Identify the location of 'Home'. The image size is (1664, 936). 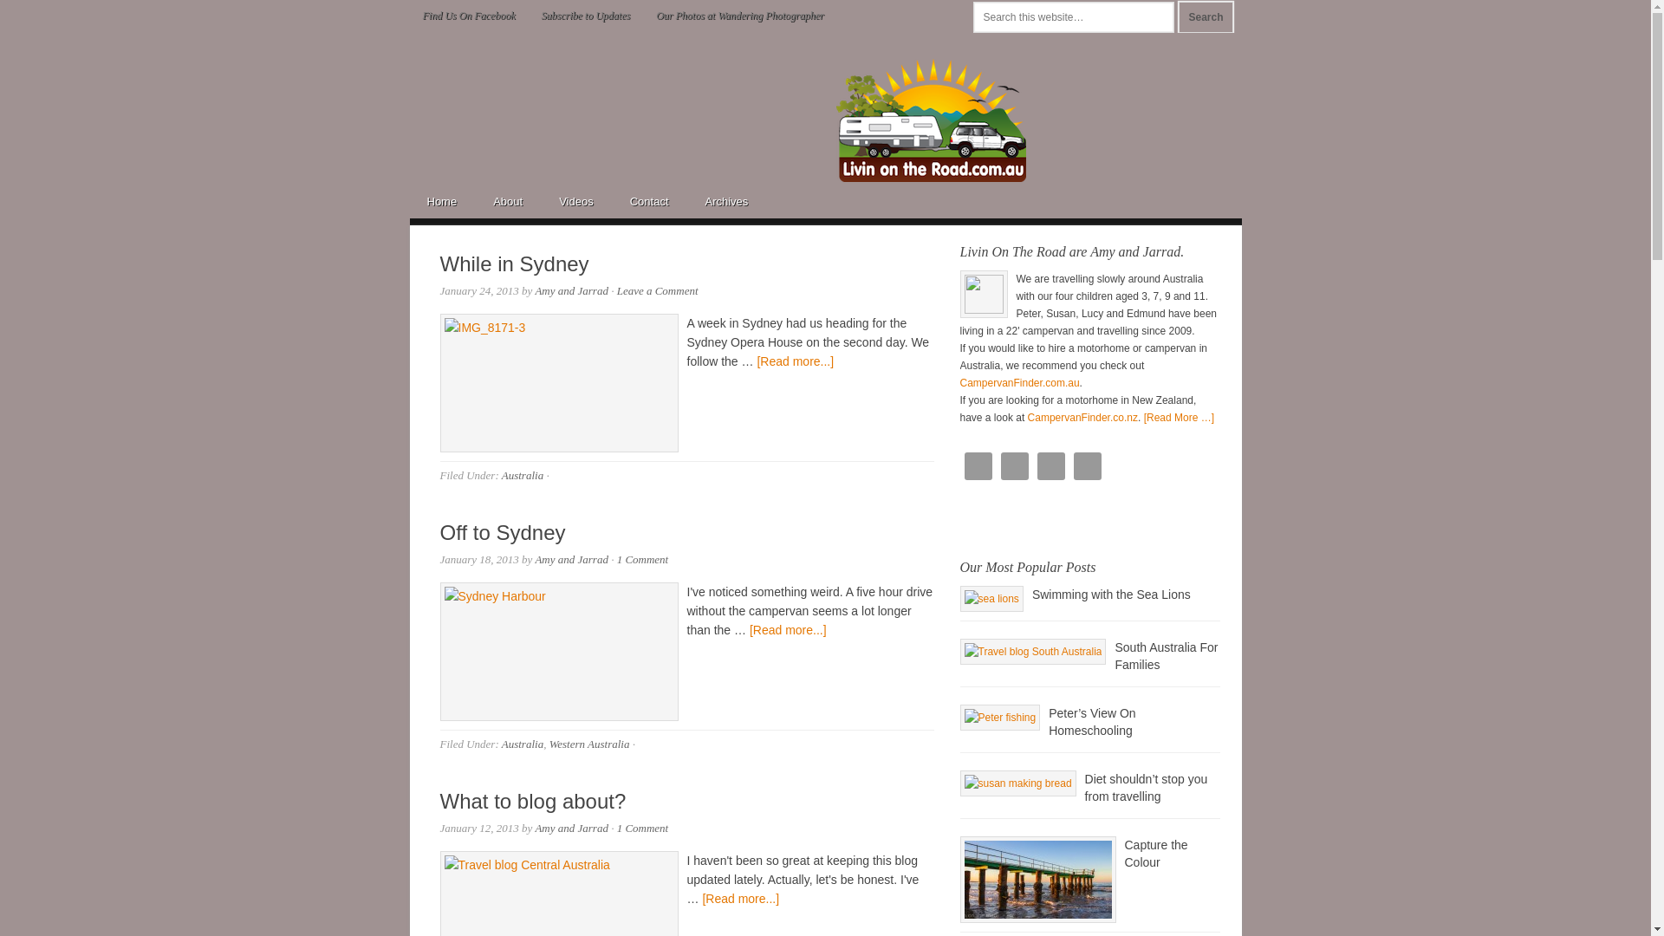
(407, 199).